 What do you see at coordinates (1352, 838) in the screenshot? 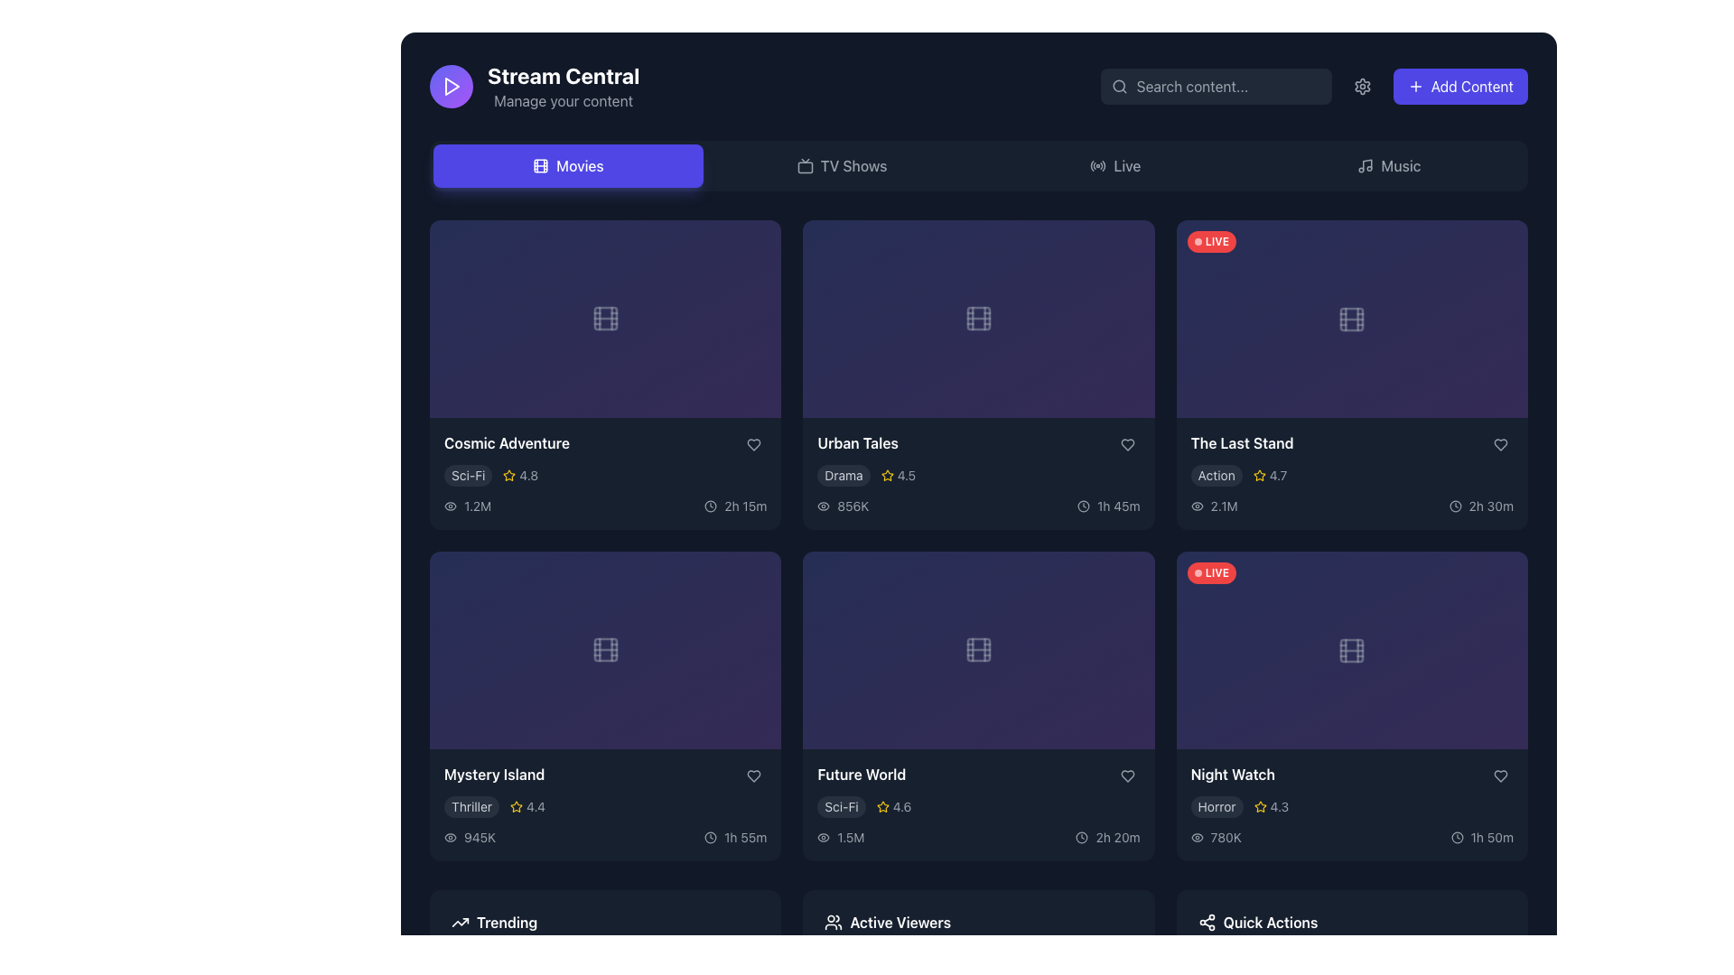
I see `the Statistical information display showing viewer count '780K' and duration '1h 50m' located at the bottom section of the 'Night Watch' card` at bounding box center [1352, 838].